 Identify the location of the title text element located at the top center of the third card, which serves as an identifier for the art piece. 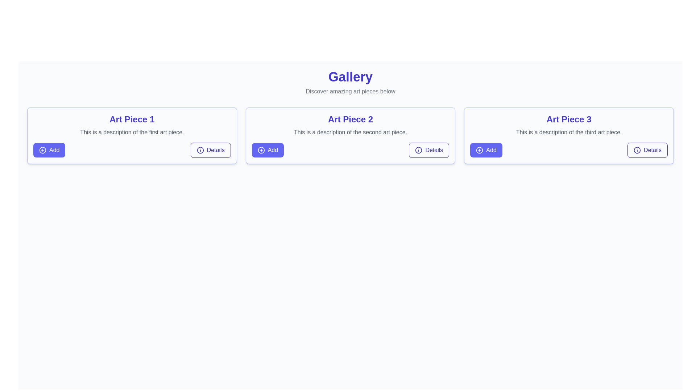
(568, 119).